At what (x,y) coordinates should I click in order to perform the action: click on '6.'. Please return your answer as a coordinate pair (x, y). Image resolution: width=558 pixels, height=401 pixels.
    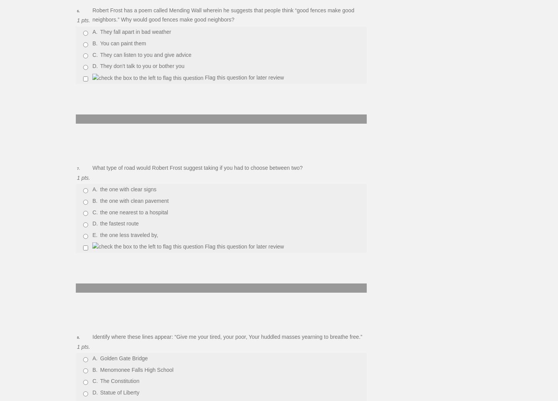
    Looking at the image, I should click on (78, 11).